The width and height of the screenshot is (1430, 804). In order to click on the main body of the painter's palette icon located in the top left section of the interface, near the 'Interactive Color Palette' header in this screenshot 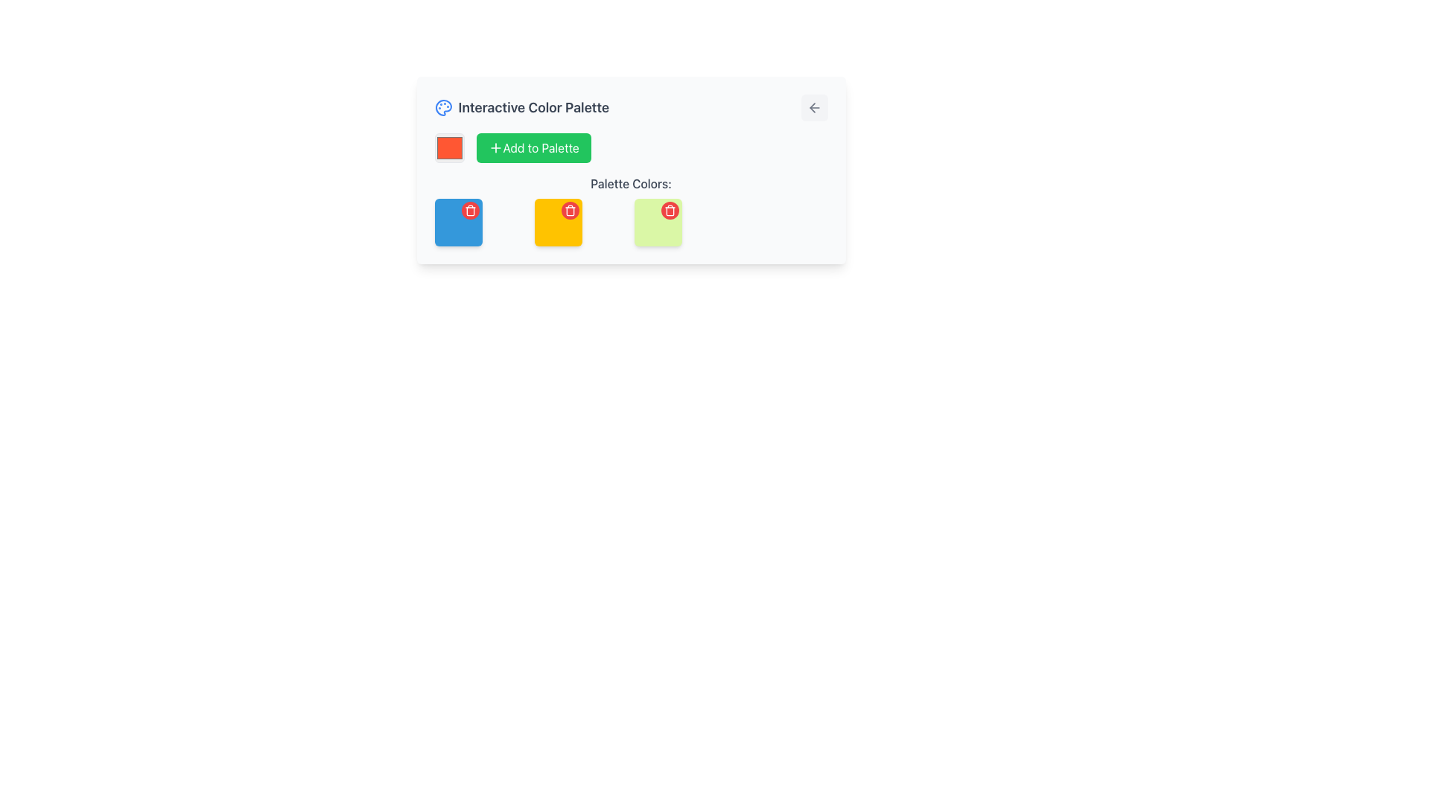, I will do `click(442, 107)`.